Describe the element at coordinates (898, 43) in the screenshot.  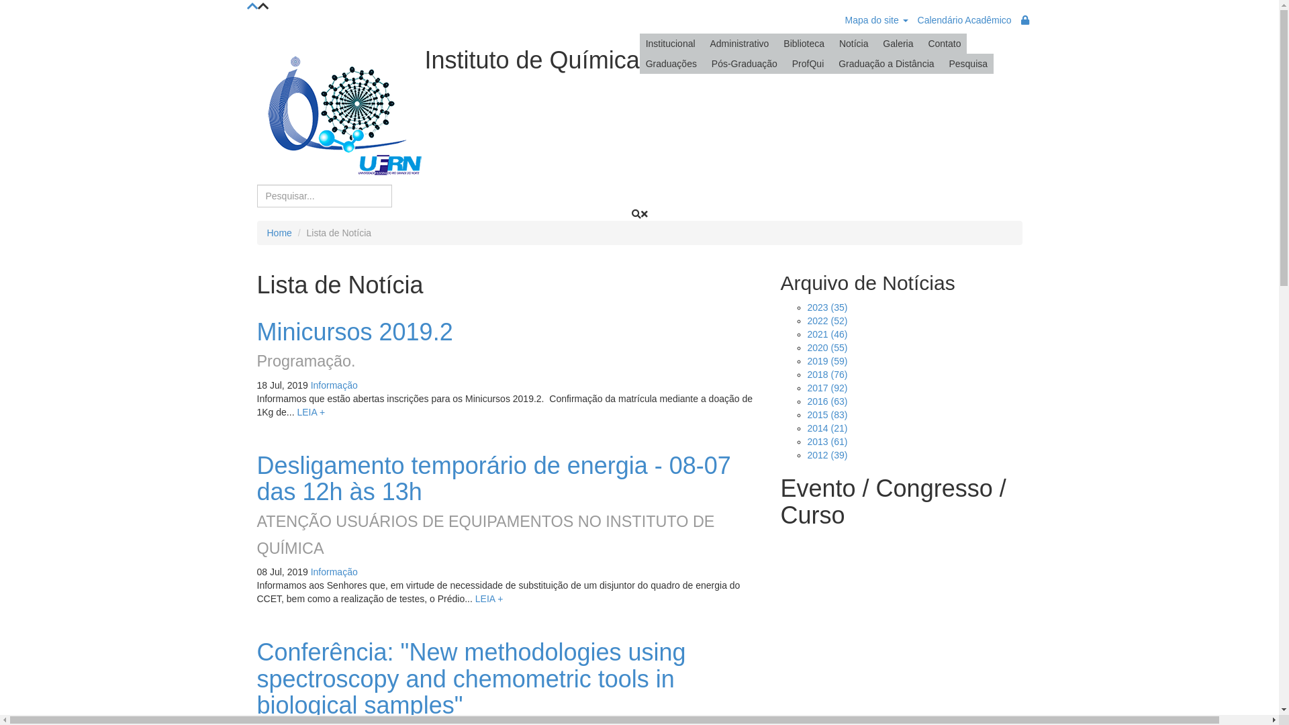
I see `'Galeria'` at that location.